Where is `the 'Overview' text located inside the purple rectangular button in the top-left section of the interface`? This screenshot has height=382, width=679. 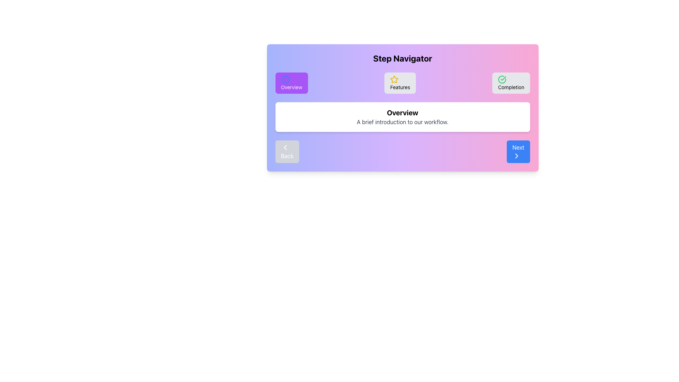
the 'Overview' text located inside the purple rectangular button in the top-left section of the interface is located at coordinates (291, 87).